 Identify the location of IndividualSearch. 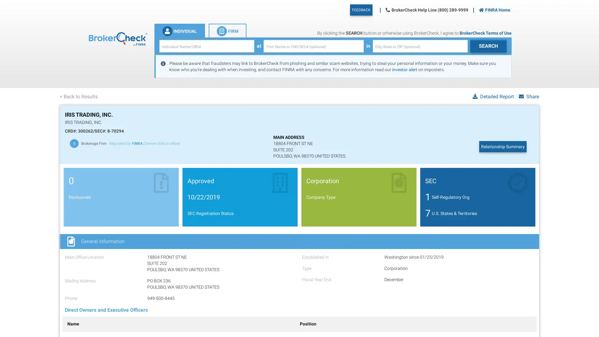
(488, 46).